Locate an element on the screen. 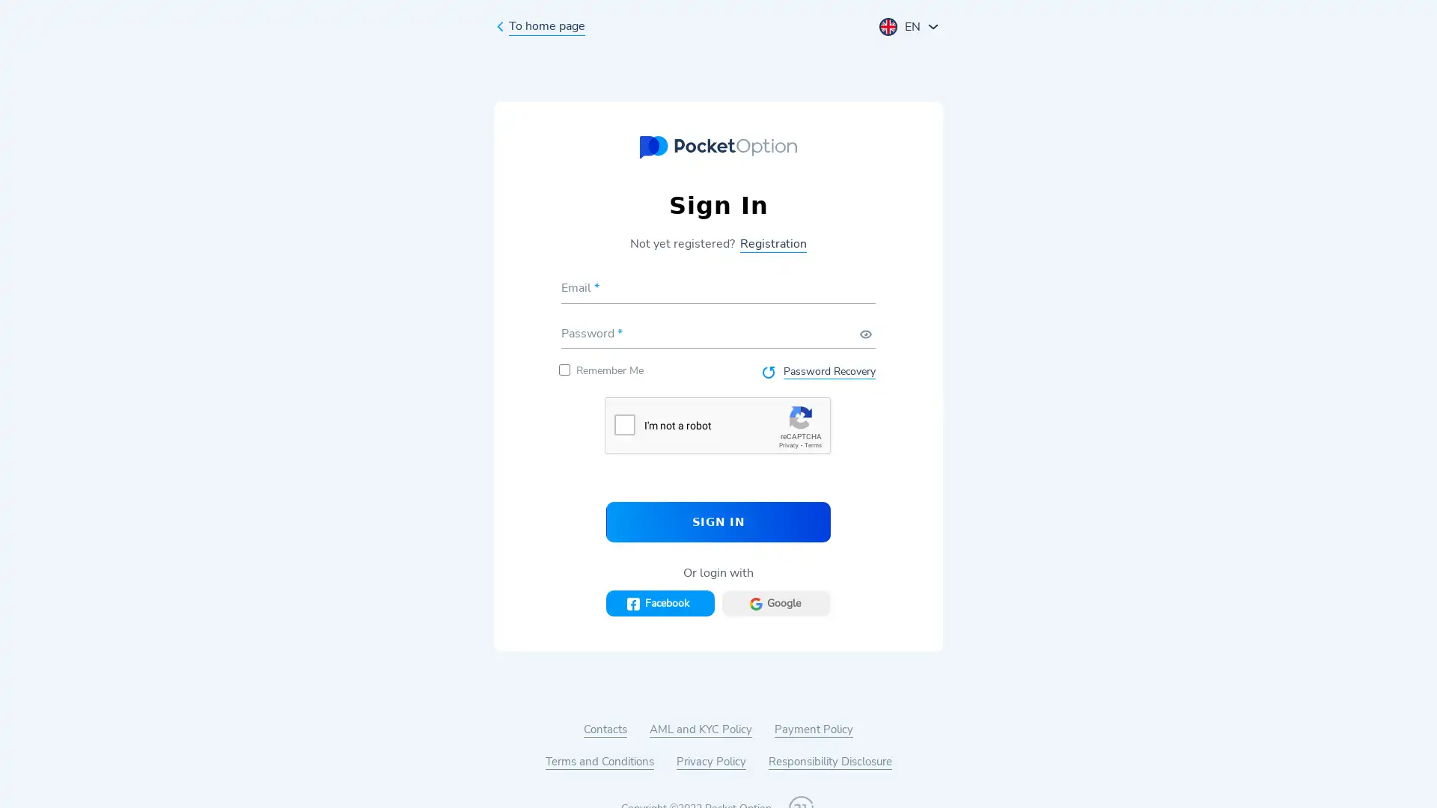 This screenshot has width=1437, height=808. SIGN IN is located at coordinates (718, 521).